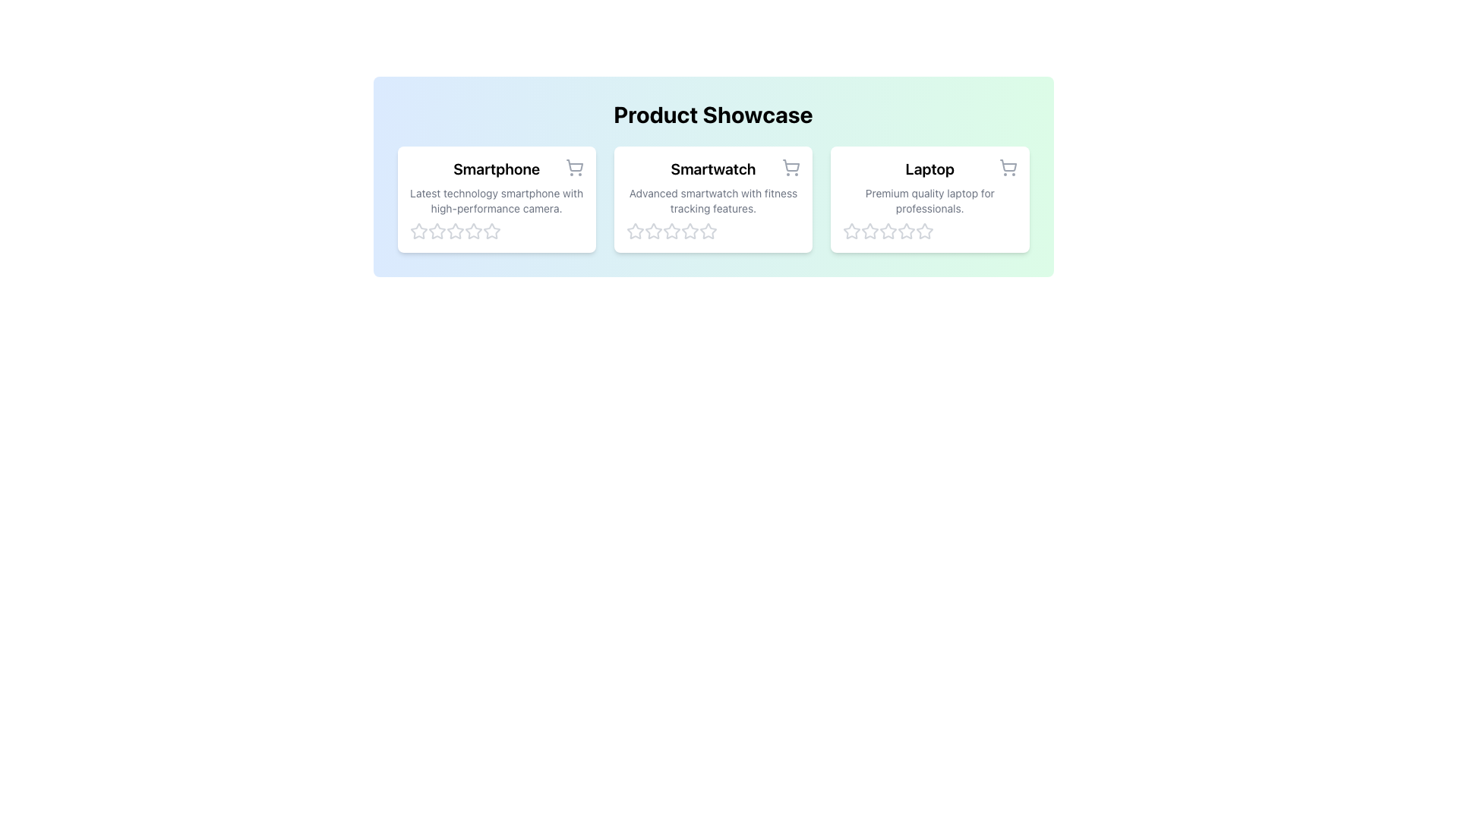 This screenshot has width=1458, height=820. What do you see at coordinates (497, 200) in the screenshot?
I see `text 'Latest technology smartphone with high-performance camera.' displayed in gray font within the first product card below the title 'Smartphone'` at bounding box center [497, 200].